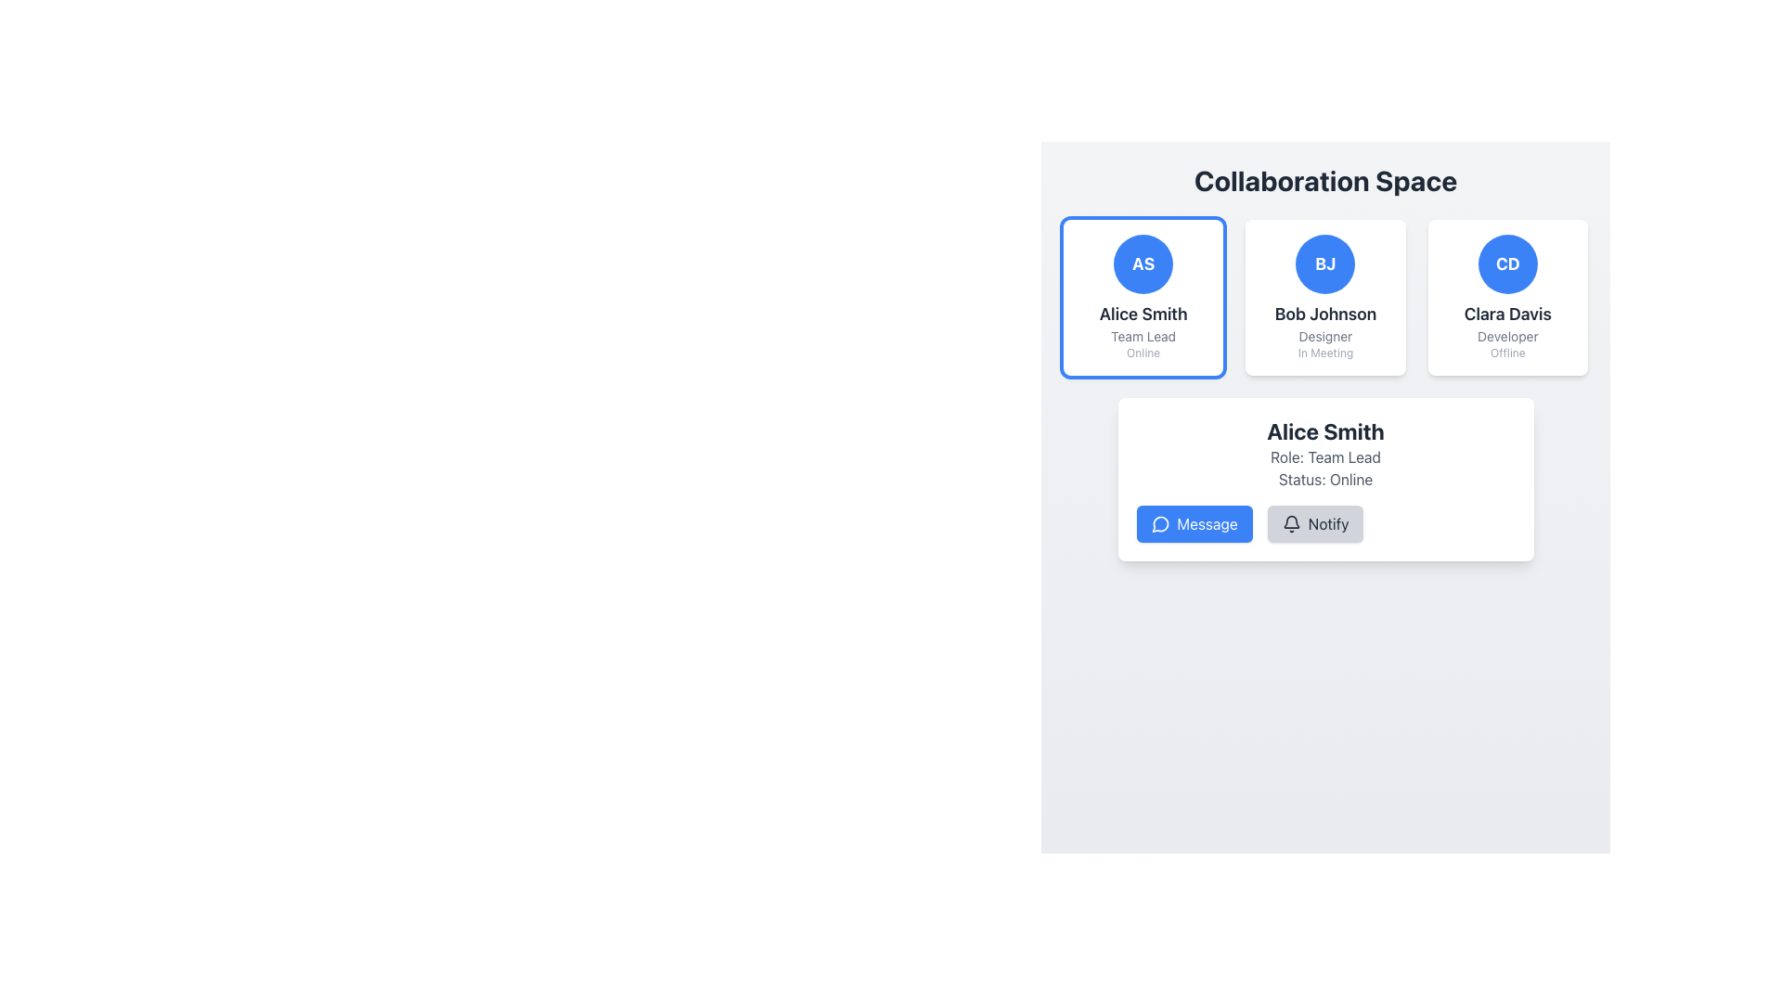  I want to click on text label displaying the role or designation of 'Alice Smith', which is positioned below the name 'Alice Smith' and above the status indicator 'Online' in the card, so click(1143, 336).